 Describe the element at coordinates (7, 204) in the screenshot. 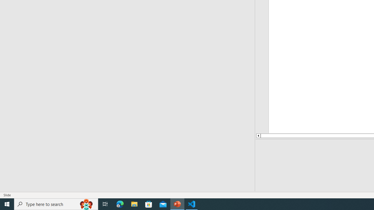

I see `'Start'` at that location.